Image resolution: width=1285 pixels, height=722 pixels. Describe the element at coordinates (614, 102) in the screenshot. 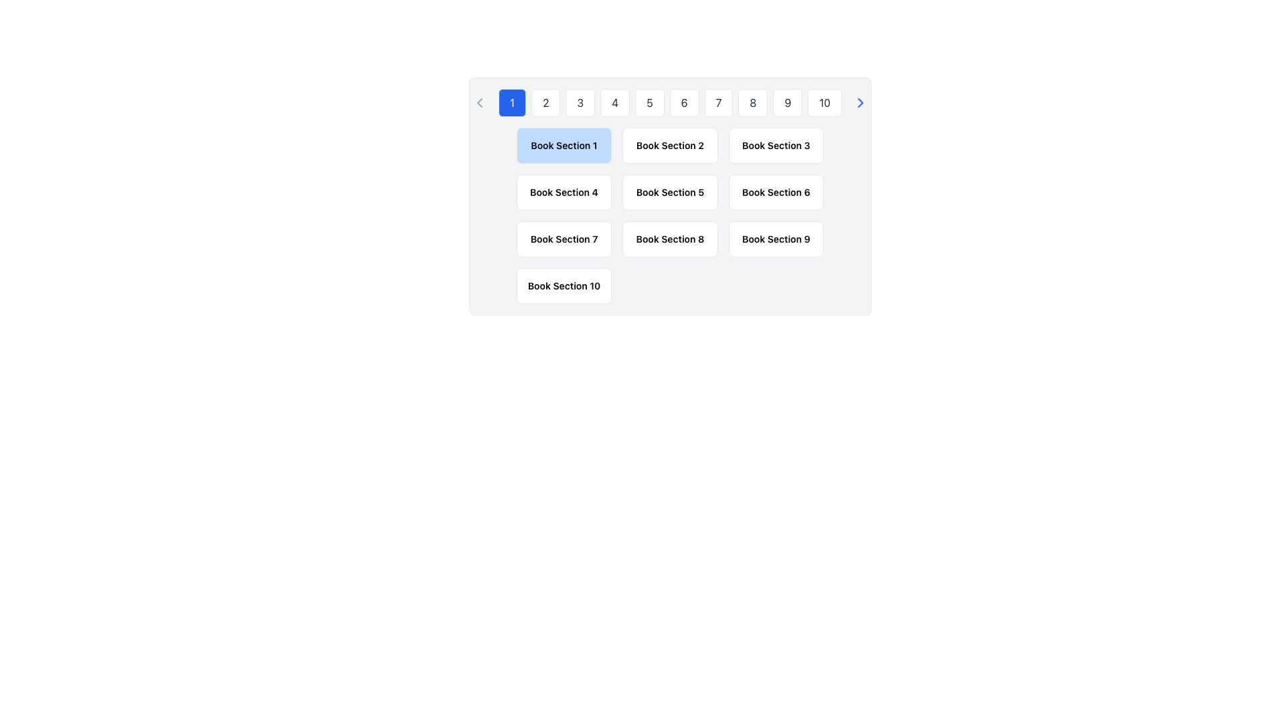

I see `the fourth navigation button that allows users to jump to the fourth page or section of content, changing its background color` at that location.